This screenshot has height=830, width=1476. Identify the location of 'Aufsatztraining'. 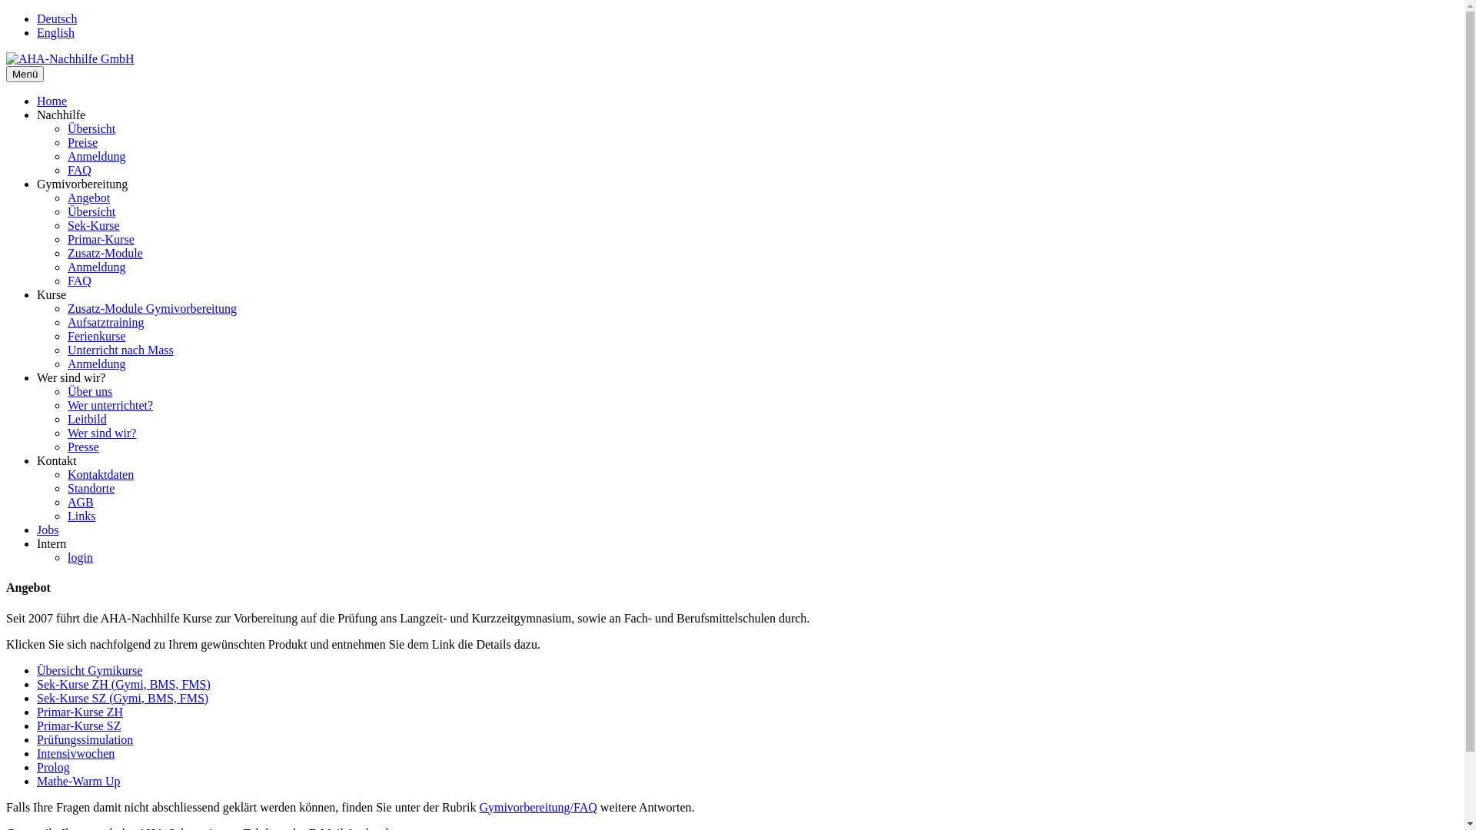
(105, 321).